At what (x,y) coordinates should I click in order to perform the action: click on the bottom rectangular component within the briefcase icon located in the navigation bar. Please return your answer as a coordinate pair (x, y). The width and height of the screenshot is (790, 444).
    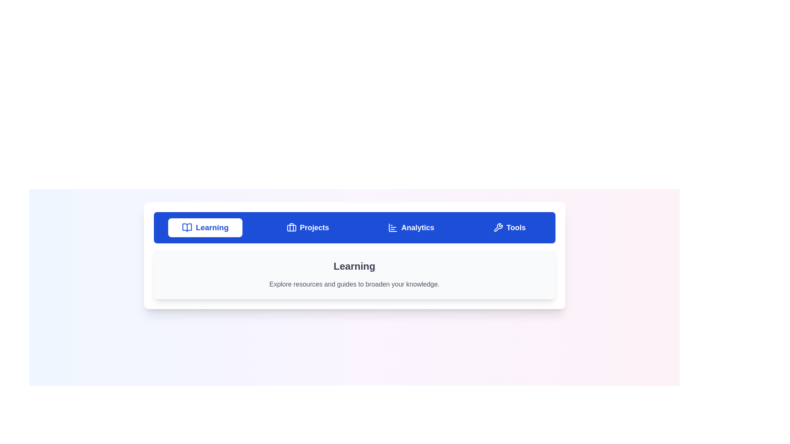
    Looking at the image, I should click on (291, 228).